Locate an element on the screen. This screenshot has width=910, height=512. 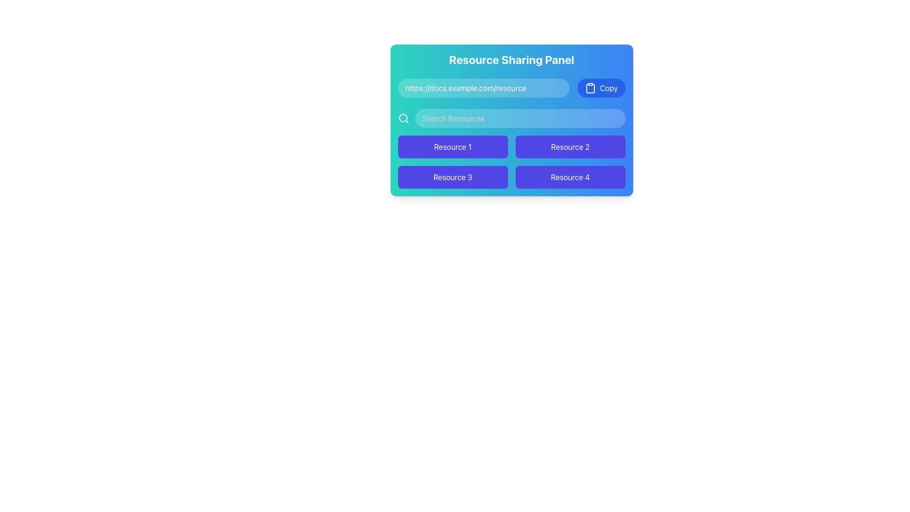
the search input field located below the URL sharing bar to focus and type search queries is located at coordinates (511, 118).